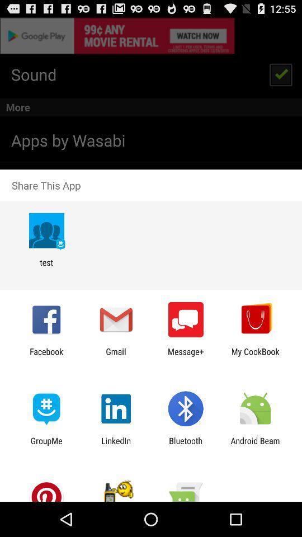  What do you see at coordinates (186, 356) in the screenshot?
I see `app next to gmail icon` at bounding box center [186, 356].